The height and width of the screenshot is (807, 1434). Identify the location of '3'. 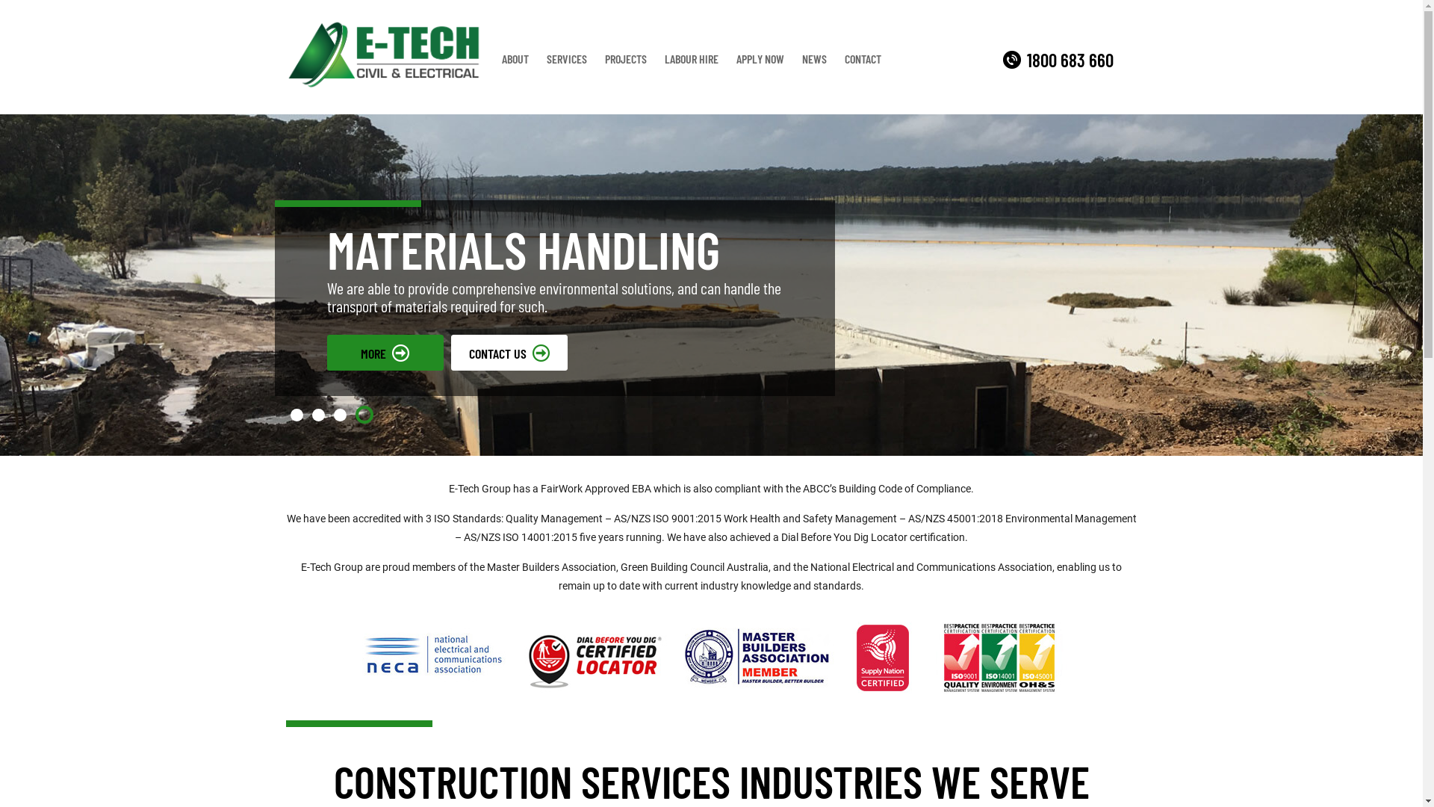
(338, 415).